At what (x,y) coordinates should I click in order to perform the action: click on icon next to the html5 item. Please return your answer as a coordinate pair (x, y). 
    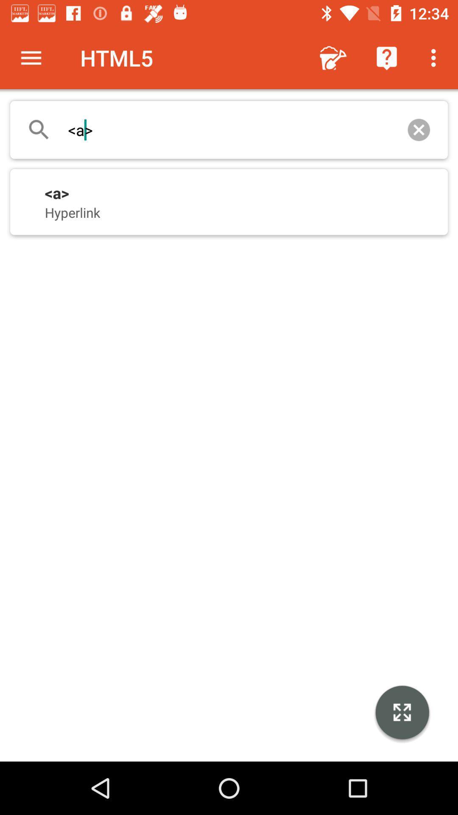
    Looking at the image, I should click on (333, 57).